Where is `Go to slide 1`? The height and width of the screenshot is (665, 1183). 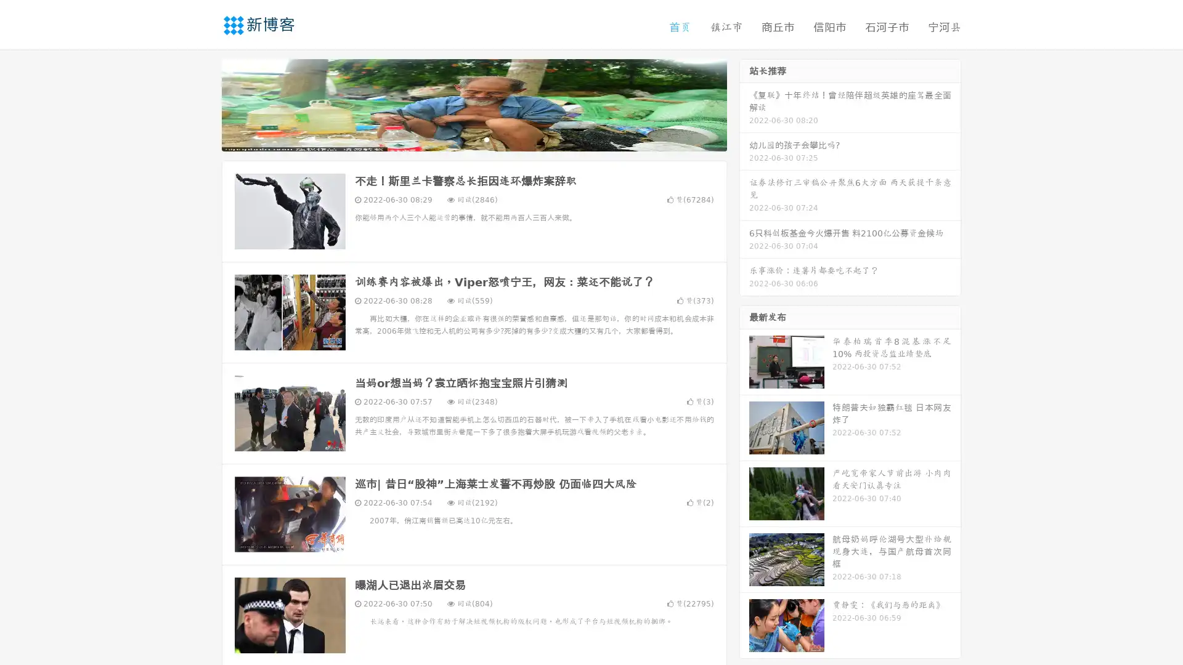 Go to slide 1 is located at coordinates (461, 139).